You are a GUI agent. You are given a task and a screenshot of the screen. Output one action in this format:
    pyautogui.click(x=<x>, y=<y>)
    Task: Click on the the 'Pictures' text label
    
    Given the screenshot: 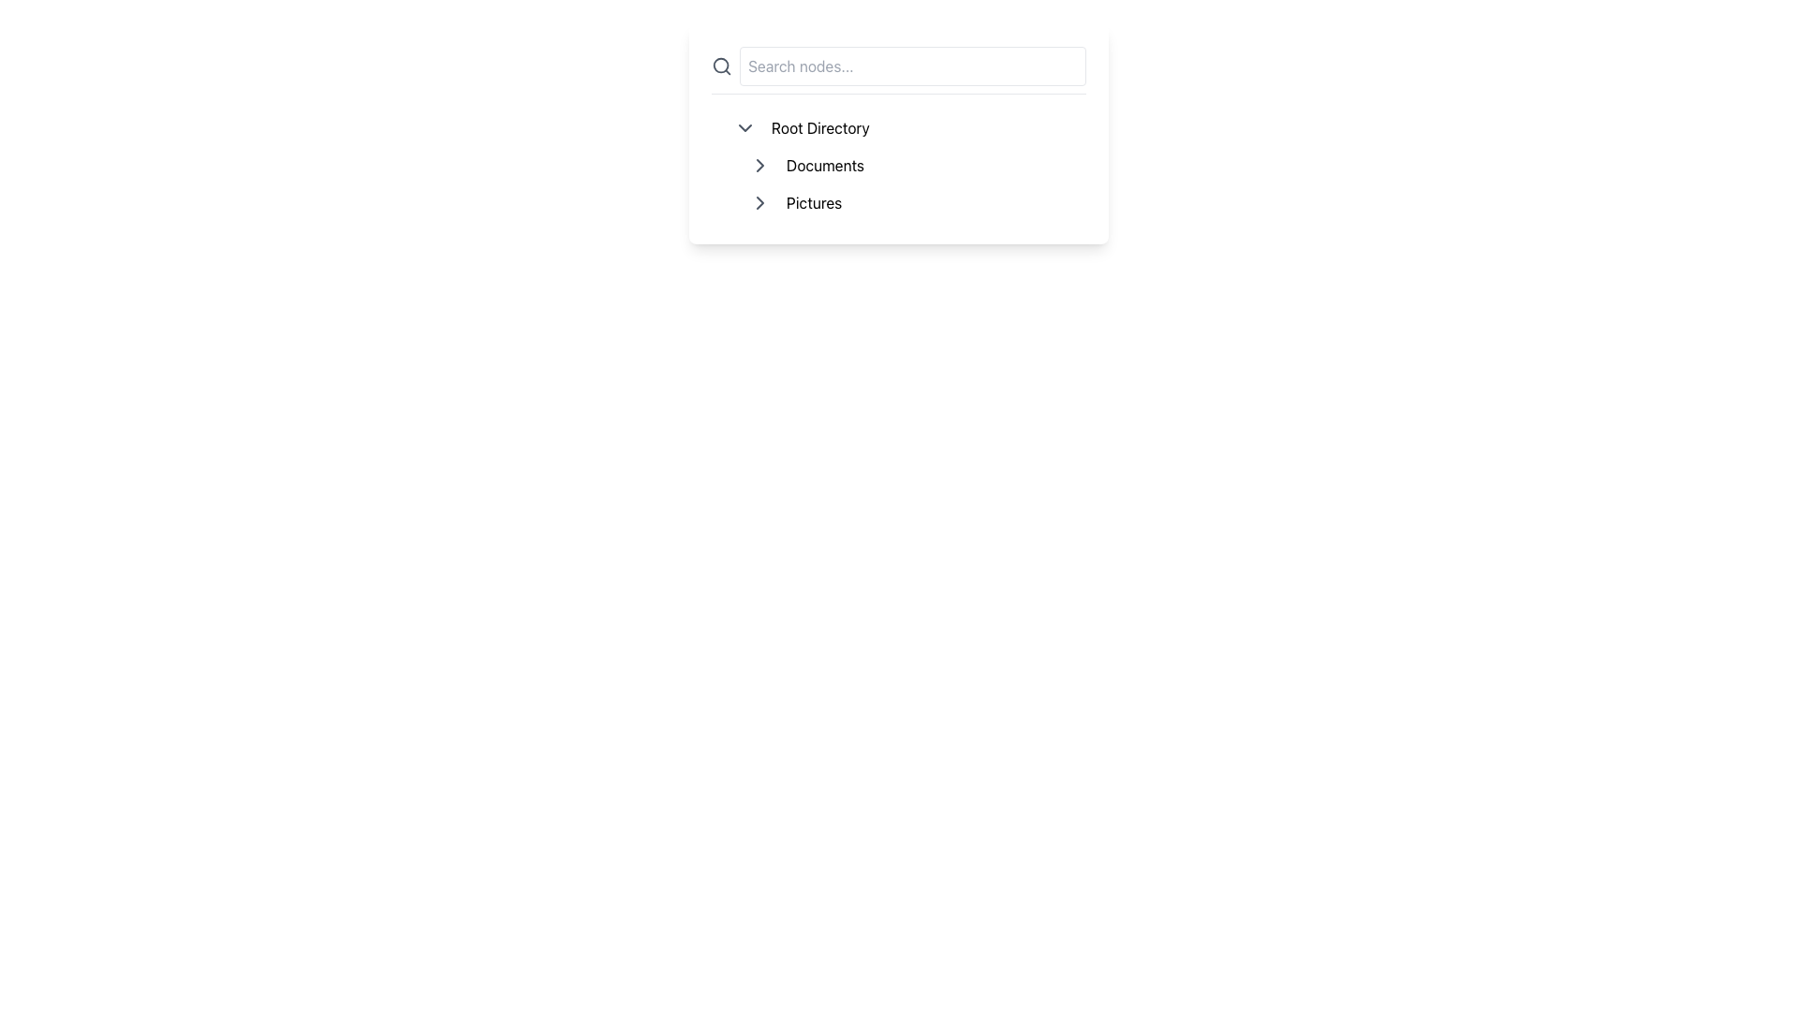 What is the action you would take?
    pyautogui.click(x=814, y=202)
    